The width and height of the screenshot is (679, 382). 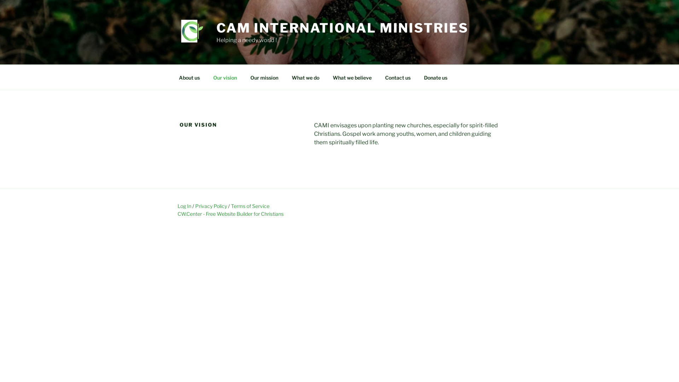 What do you see at coordinates (397, 77) in the screenshot?
I see `'Contact us'` at bounding box center [397, 77].